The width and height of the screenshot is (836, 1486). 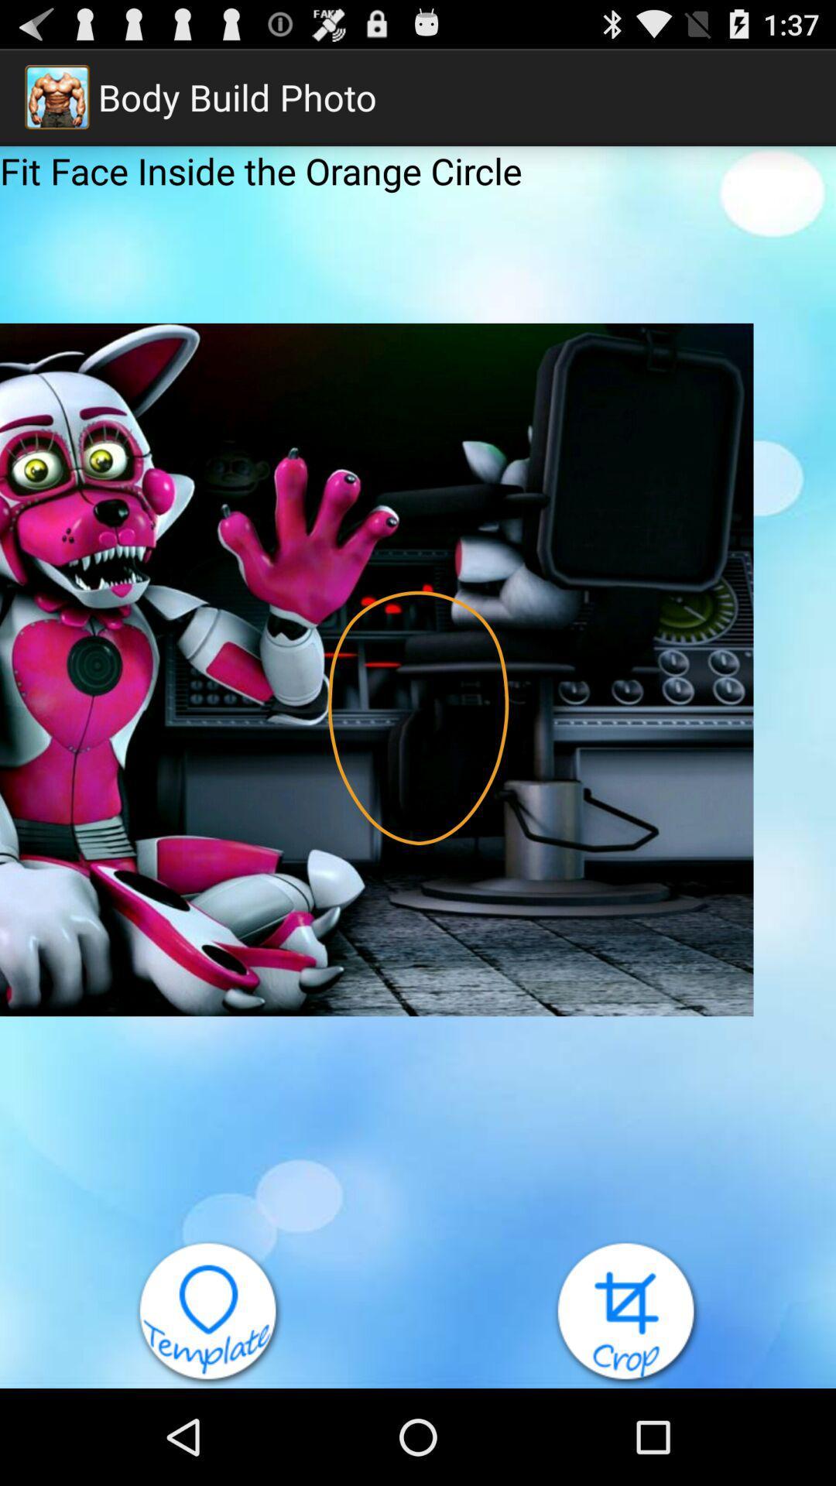 I want to click on the icon at the bottom right corner, so click(x=627, y=1313).